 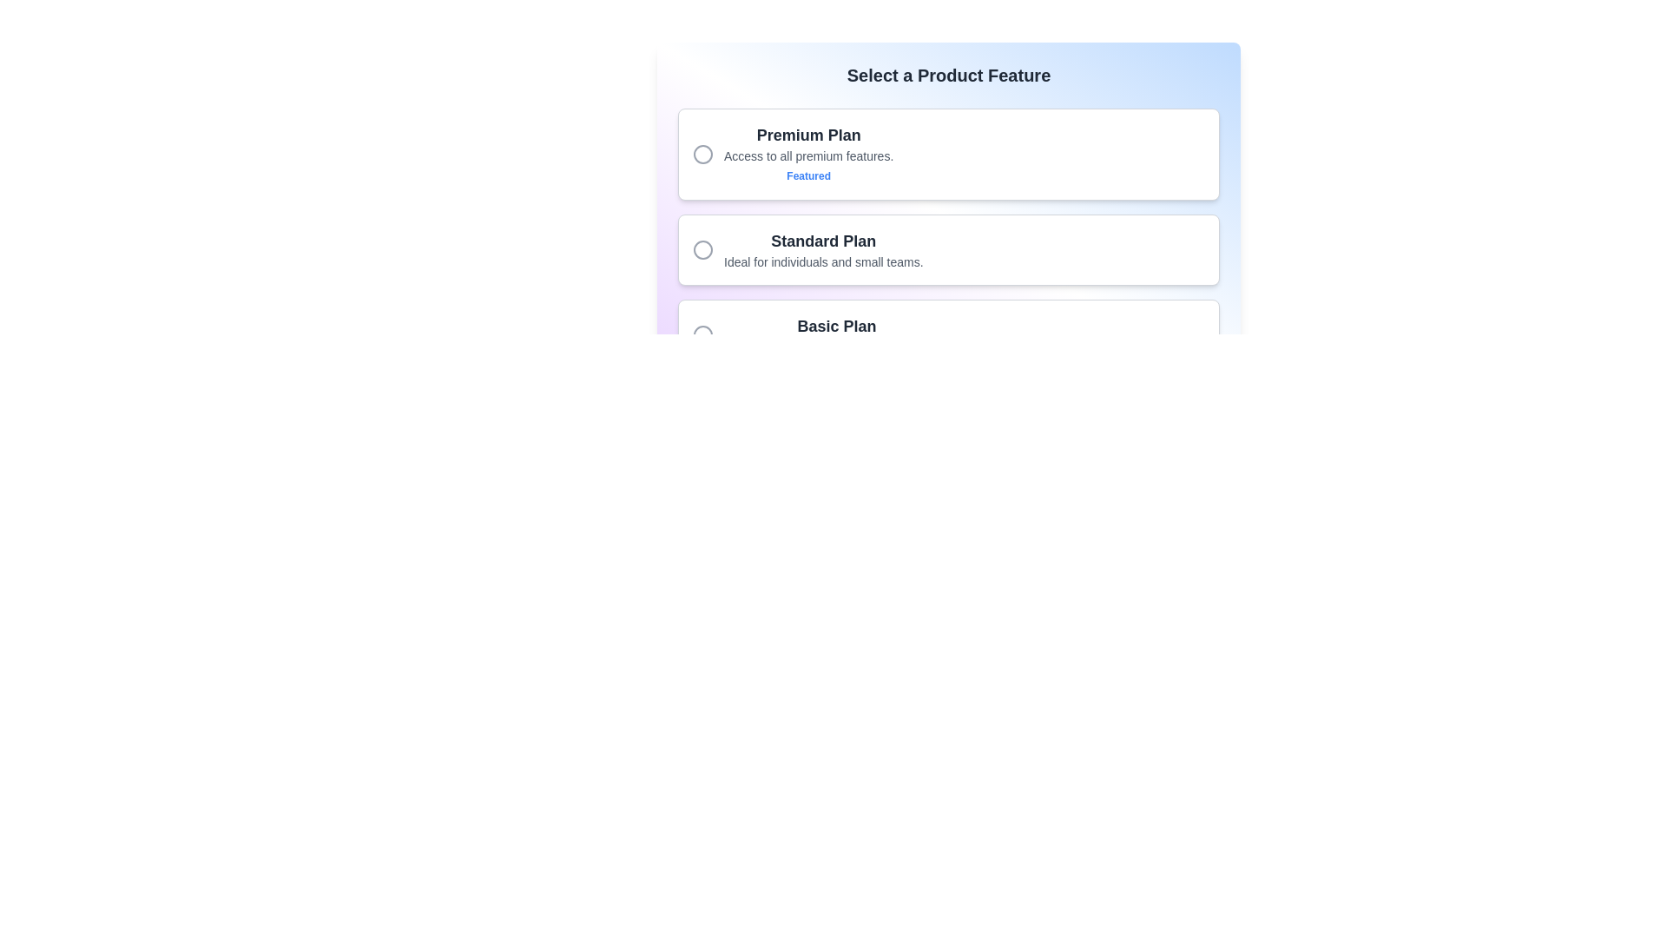 I want to click on the 'Premium Plan' radio button with the description 'Access to all premium features.', so click(x=948, y=153).